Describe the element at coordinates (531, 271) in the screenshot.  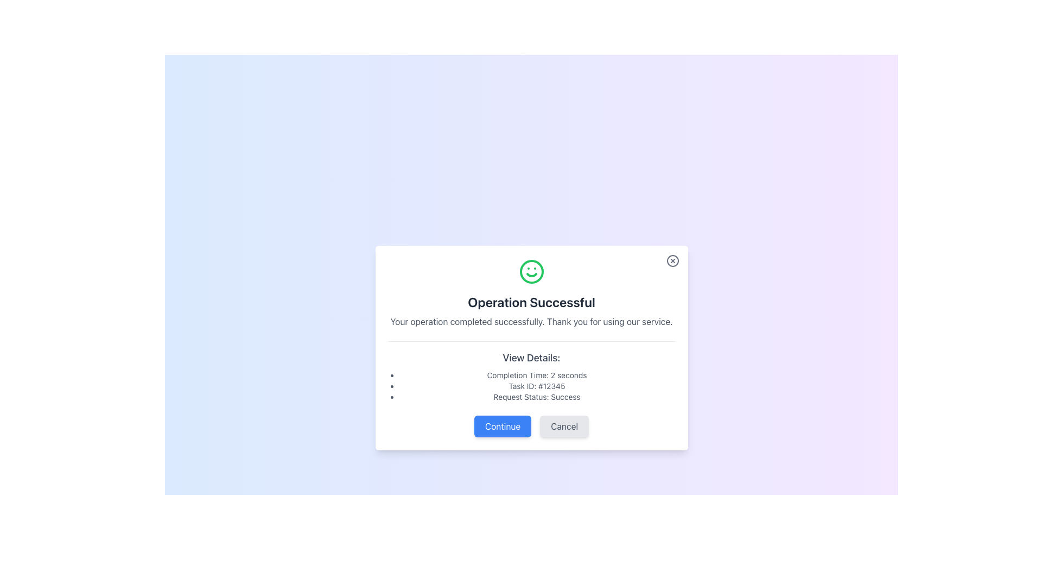
I see `the green circular element in the center of the smiling face icon within the confirmation popup dialog box` at that location.